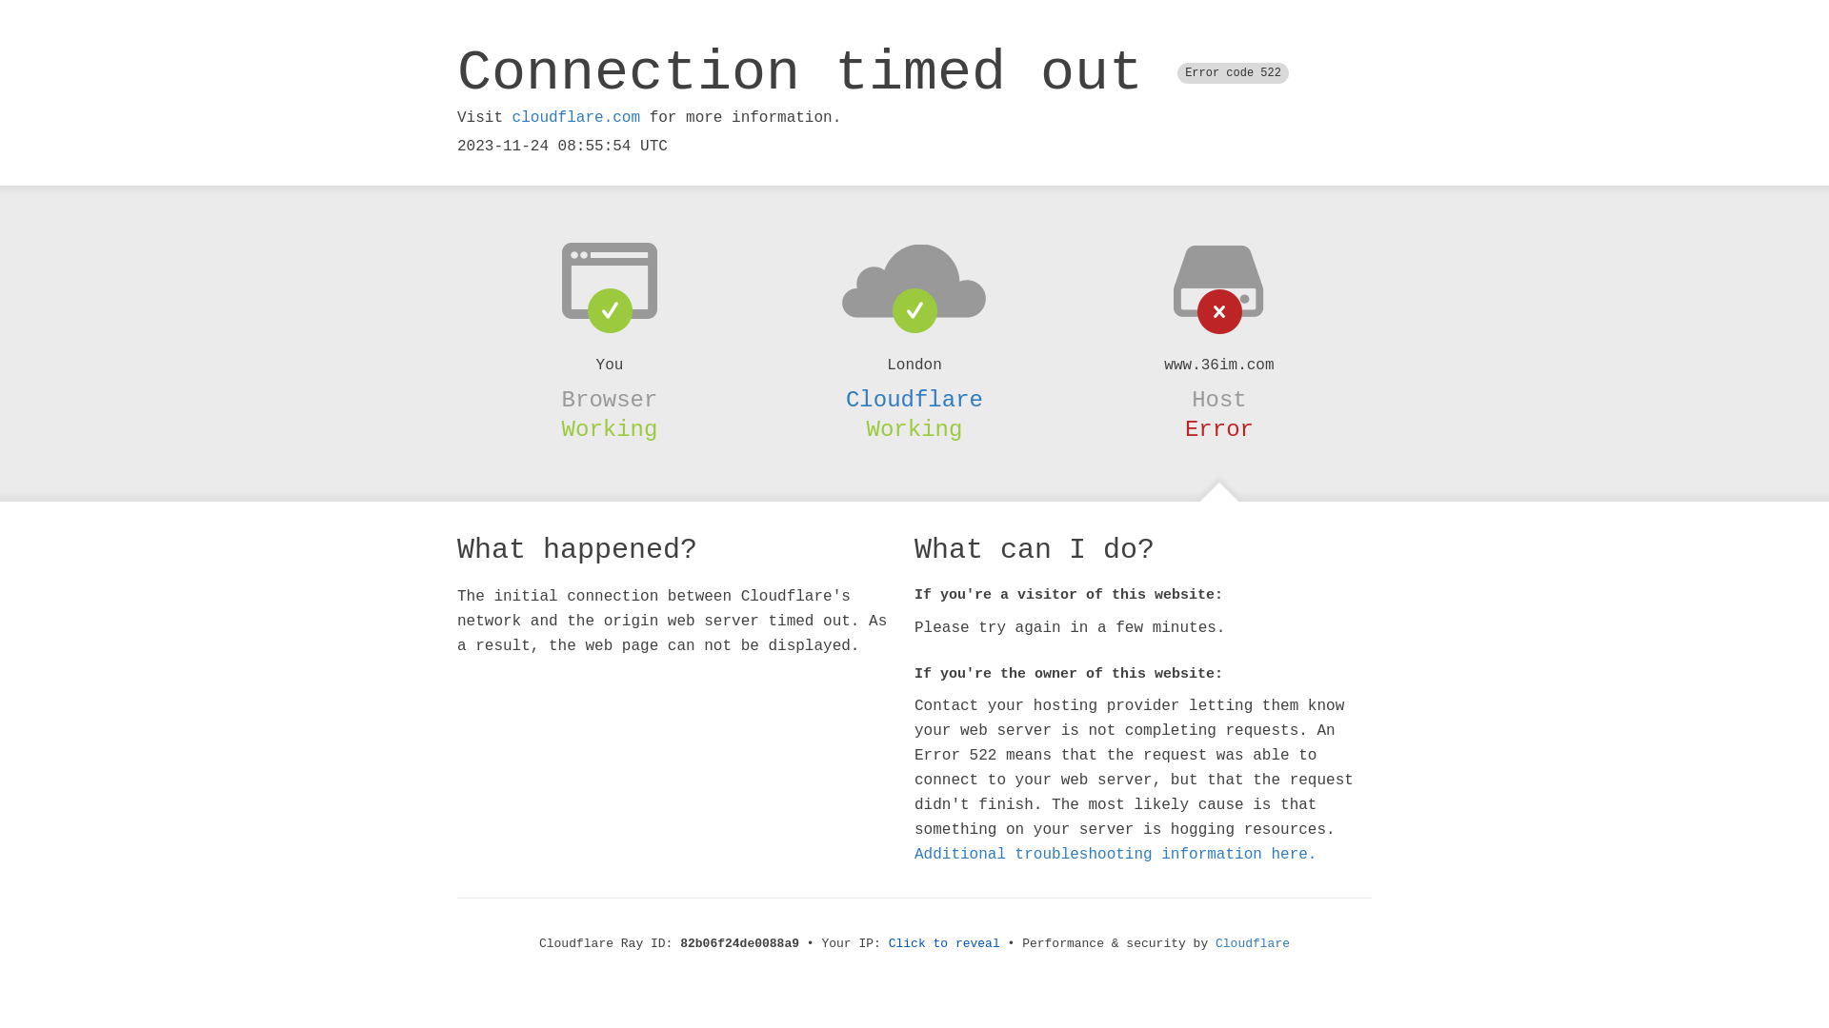 Image resolution: width=1829 pixels, height=1028 pixels. What do you see at coordinates (887, 943) in the screenshot?
I see `'Click to reveal'` at bounding box center [887, 943].